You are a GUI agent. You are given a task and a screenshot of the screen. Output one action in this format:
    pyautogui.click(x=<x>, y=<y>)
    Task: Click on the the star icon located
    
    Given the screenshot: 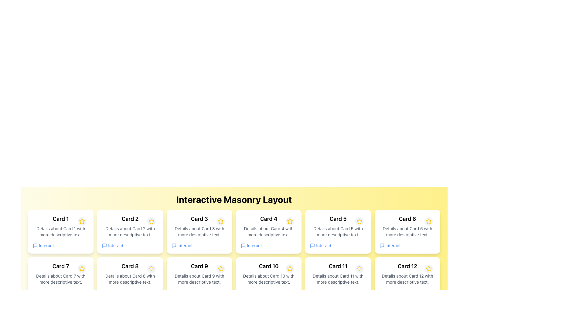 What is the action you would take?
    pyautogui.click(x=220, y=221)
    